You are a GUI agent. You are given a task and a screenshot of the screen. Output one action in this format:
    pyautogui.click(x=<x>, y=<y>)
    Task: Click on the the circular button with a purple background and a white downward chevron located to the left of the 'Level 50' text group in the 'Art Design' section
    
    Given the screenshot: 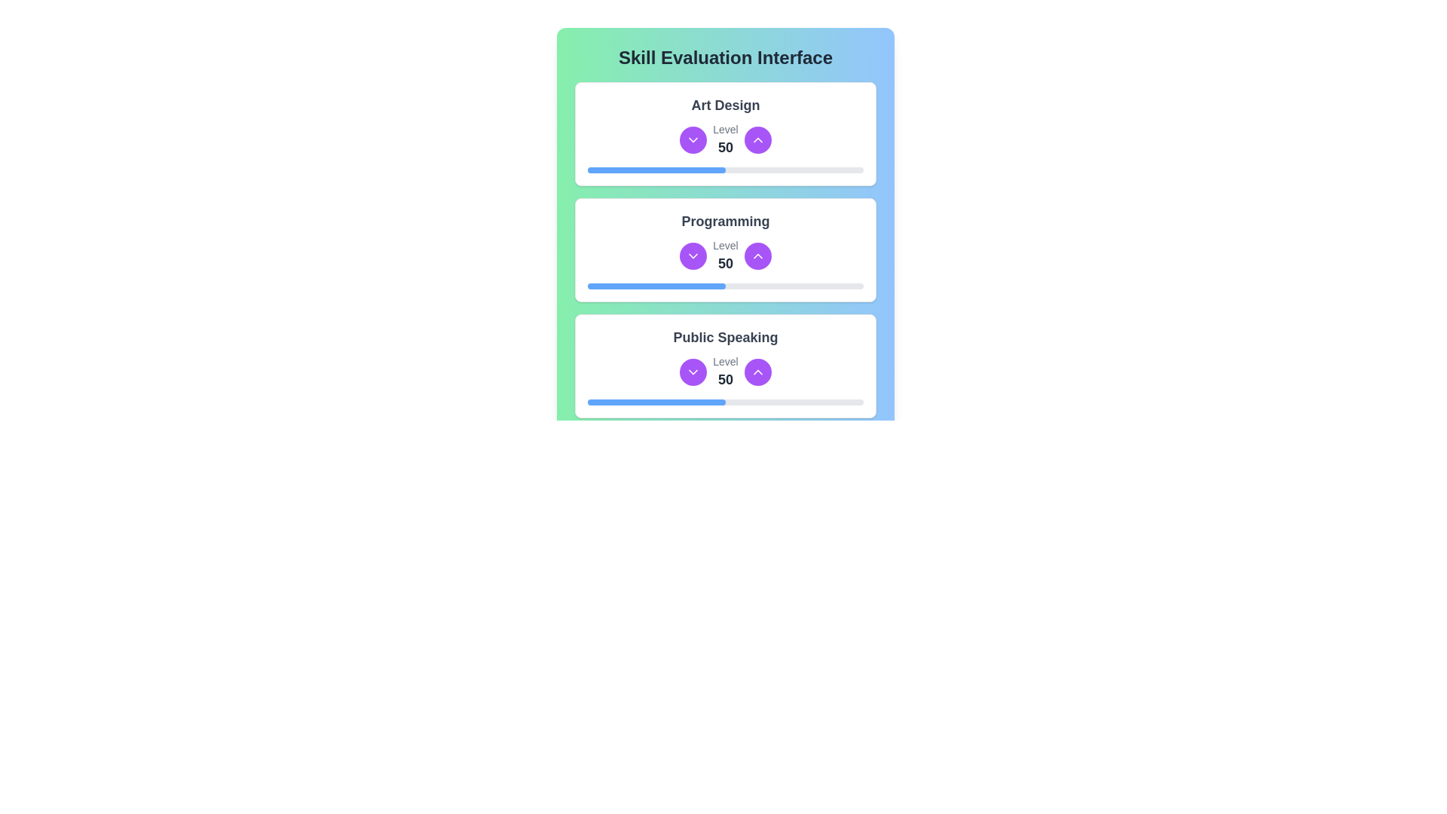 What is the action you would take?
    pyautogui.click(x=693, y=139)
    